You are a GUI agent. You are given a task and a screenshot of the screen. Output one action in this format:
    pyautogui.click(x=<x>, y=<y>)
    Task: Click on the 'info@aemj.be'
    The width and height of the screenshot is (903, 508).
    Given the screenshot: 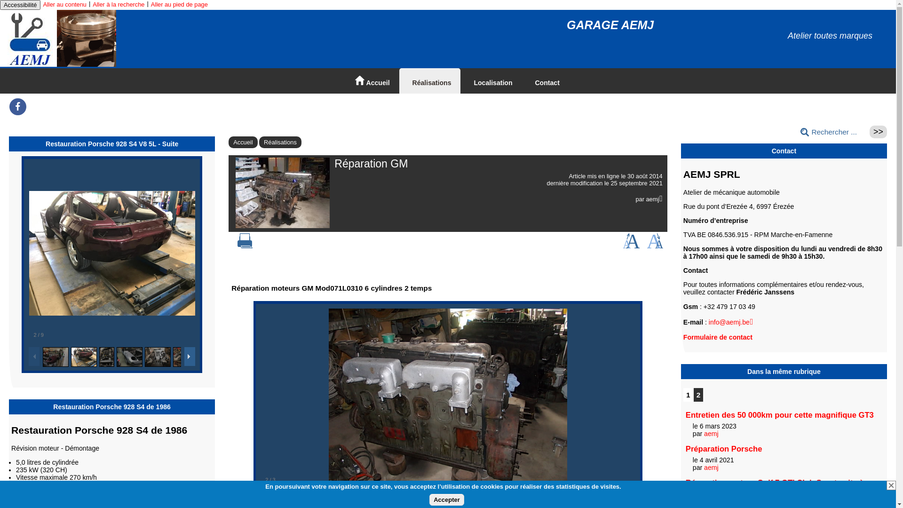 What is the action you would take?
    pyautogui.click(x=730, y=322)
    